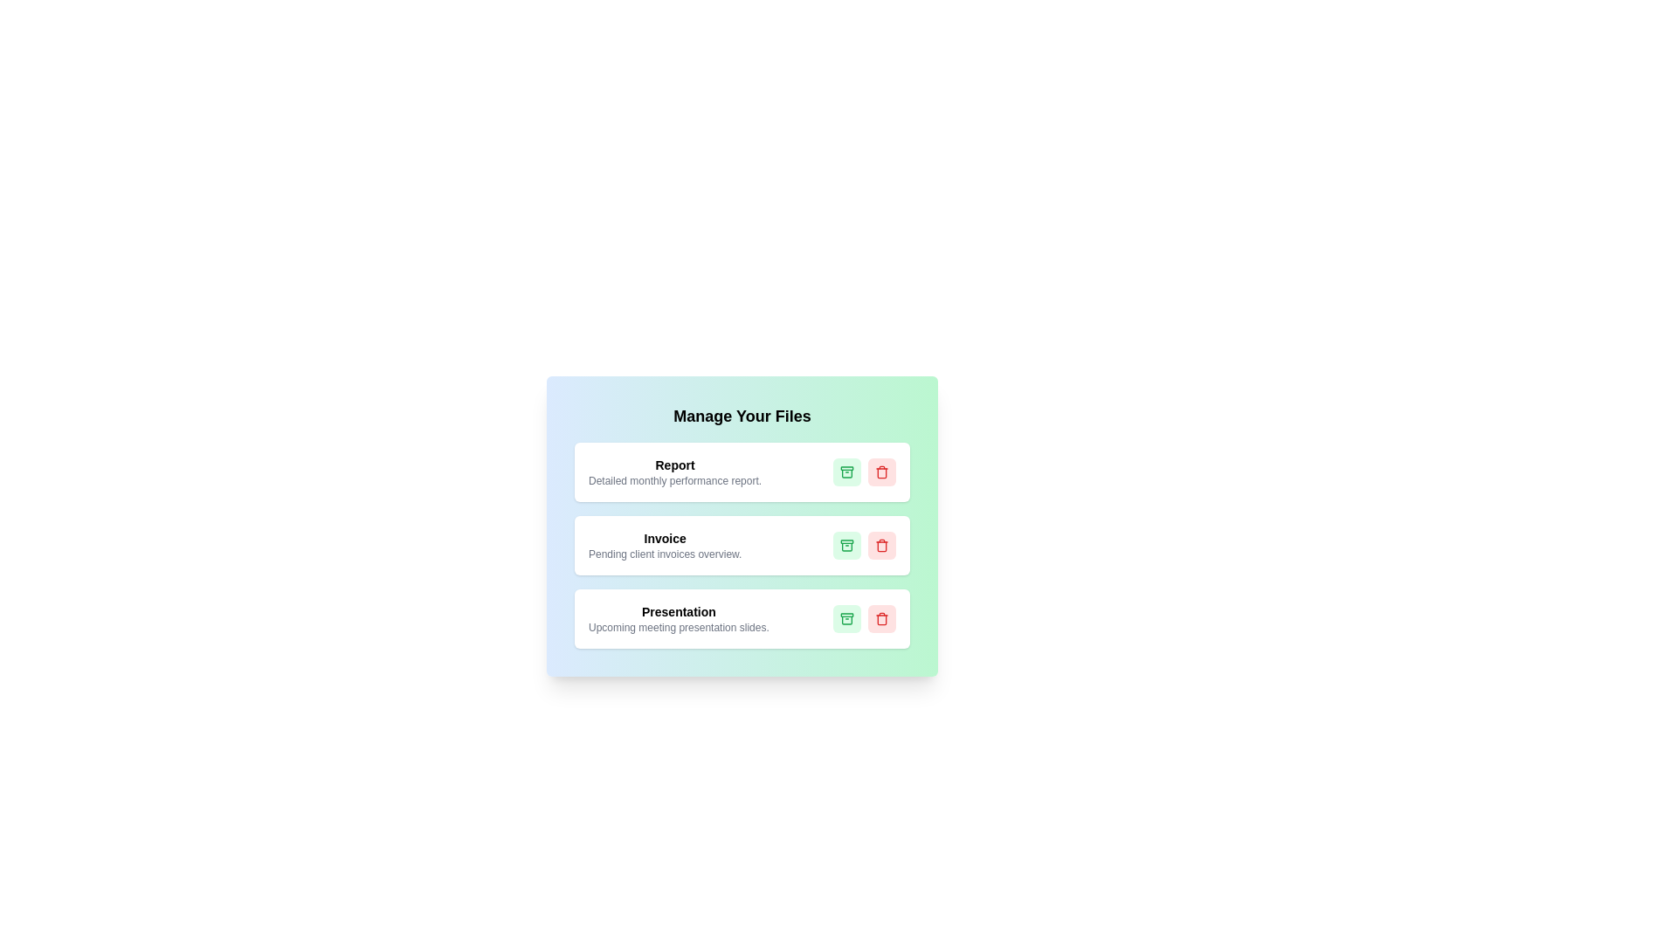 The image size is (1677, 943). Describe the element at coordinates (846, 618) in the screenshot. I see `archive button for the card titled 'Presentation'` at that location.